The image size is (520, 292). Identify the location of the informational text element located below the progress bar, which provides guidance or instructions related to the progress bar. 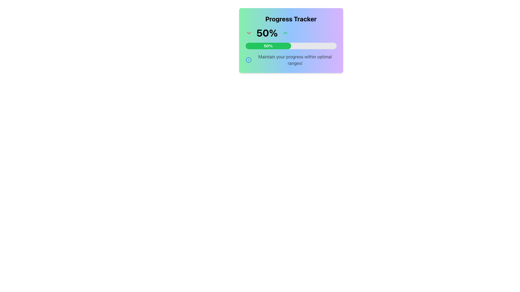
(295, 60).